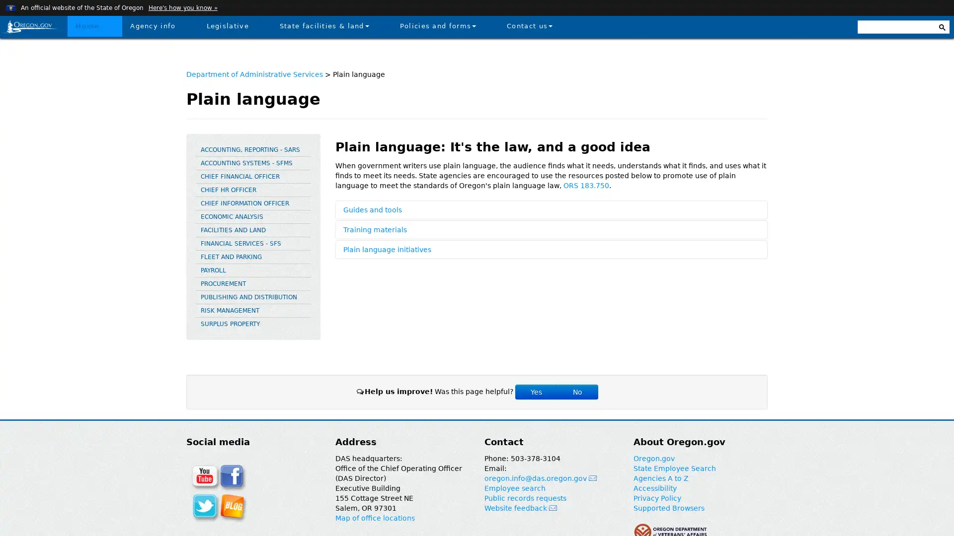  I want to click on Yes, so click(536, 392).